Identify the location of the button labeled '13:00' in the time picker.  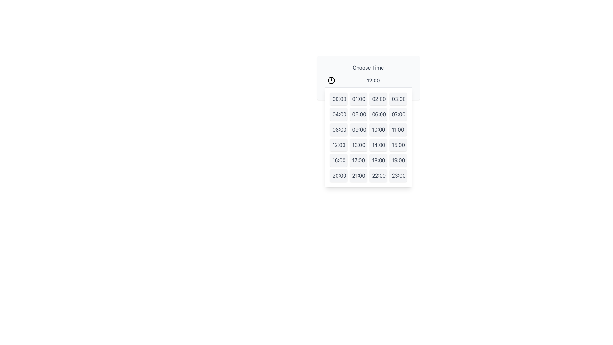
(358, 145).